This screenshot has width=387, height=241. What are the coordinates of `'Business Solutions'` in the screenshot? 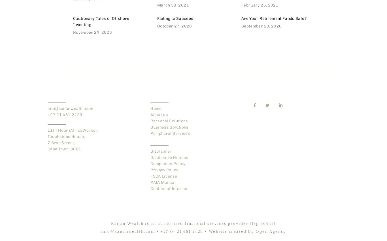 It's located at (169, 127).